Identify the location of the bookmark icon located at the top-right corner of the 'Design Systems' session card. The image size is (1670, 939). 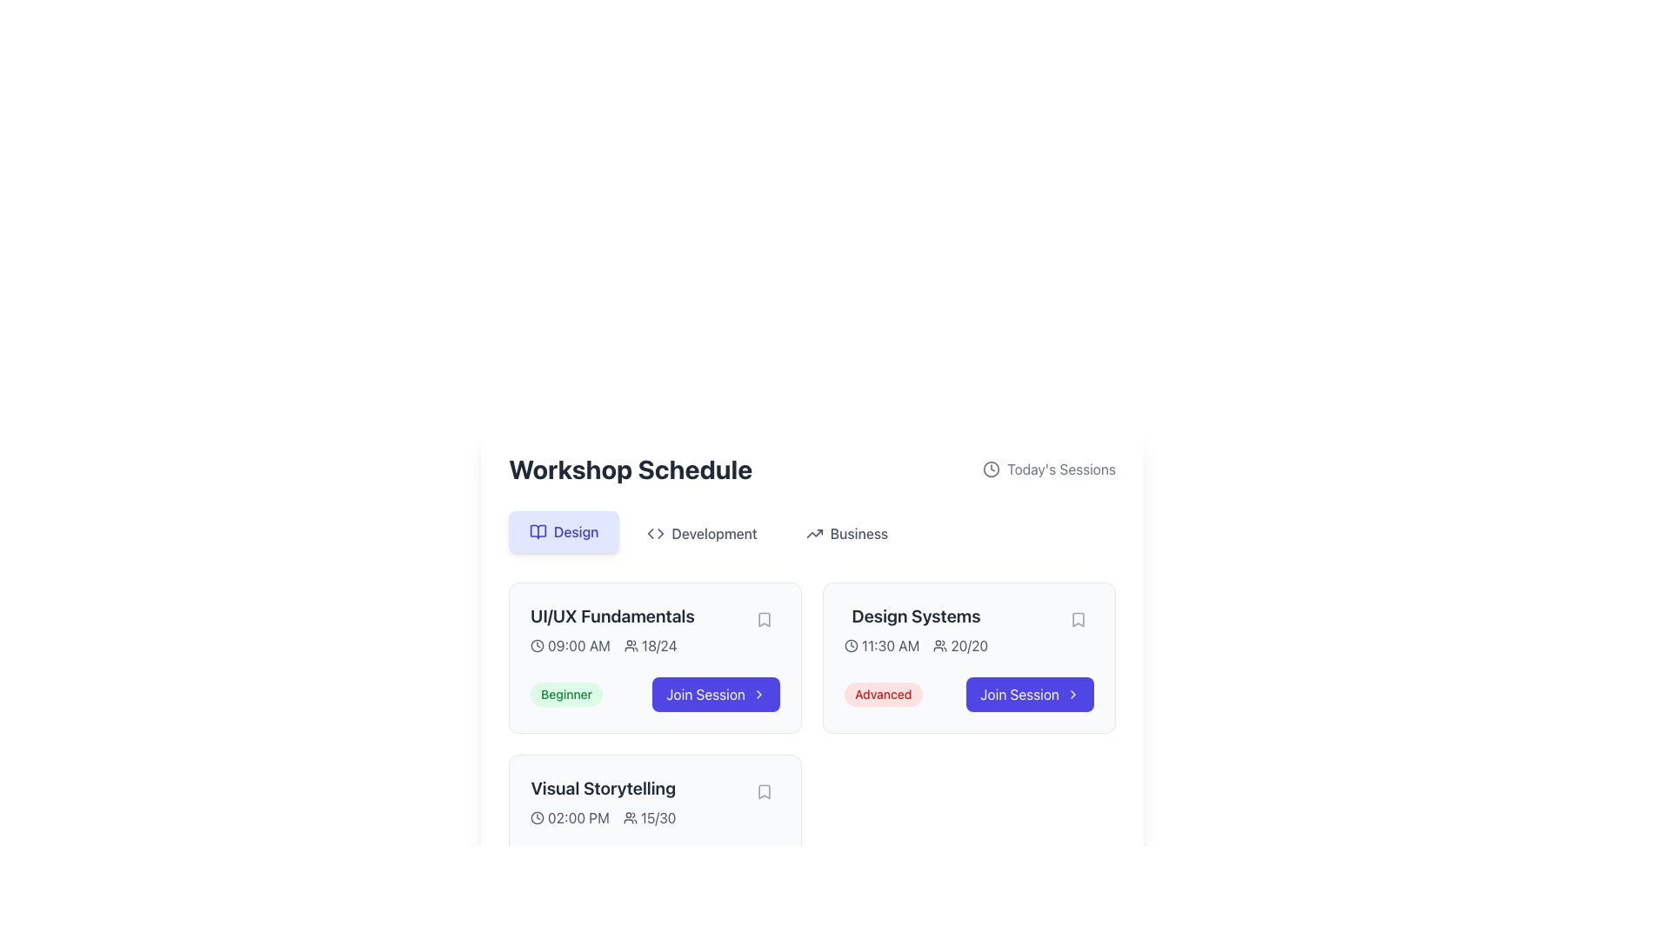
(1077, 619).